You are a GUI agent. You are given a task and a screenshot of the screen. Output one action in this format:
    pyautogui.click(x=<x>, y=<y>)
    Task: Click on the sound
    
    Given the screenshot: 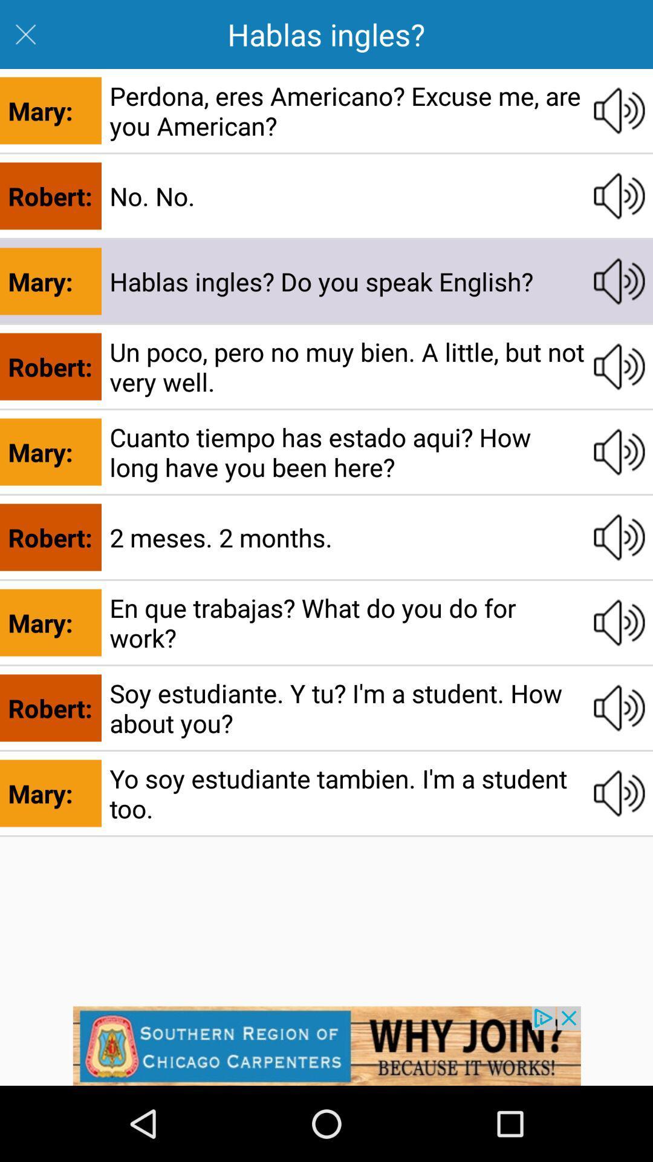 What is the action you would take?
    pyautogui.click(x=619, y=793)
    